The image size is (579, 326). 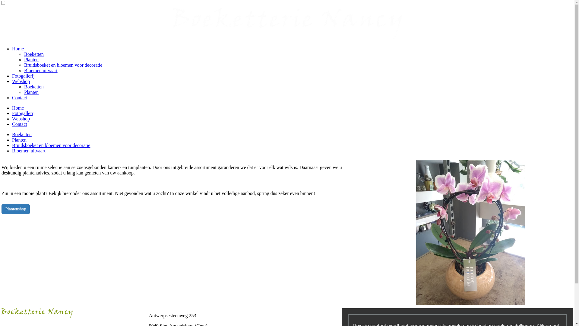 What do you see at coordinates (21, 119) in the screenshot?
I see `'Webshop'` at bounding box center [21, 119].